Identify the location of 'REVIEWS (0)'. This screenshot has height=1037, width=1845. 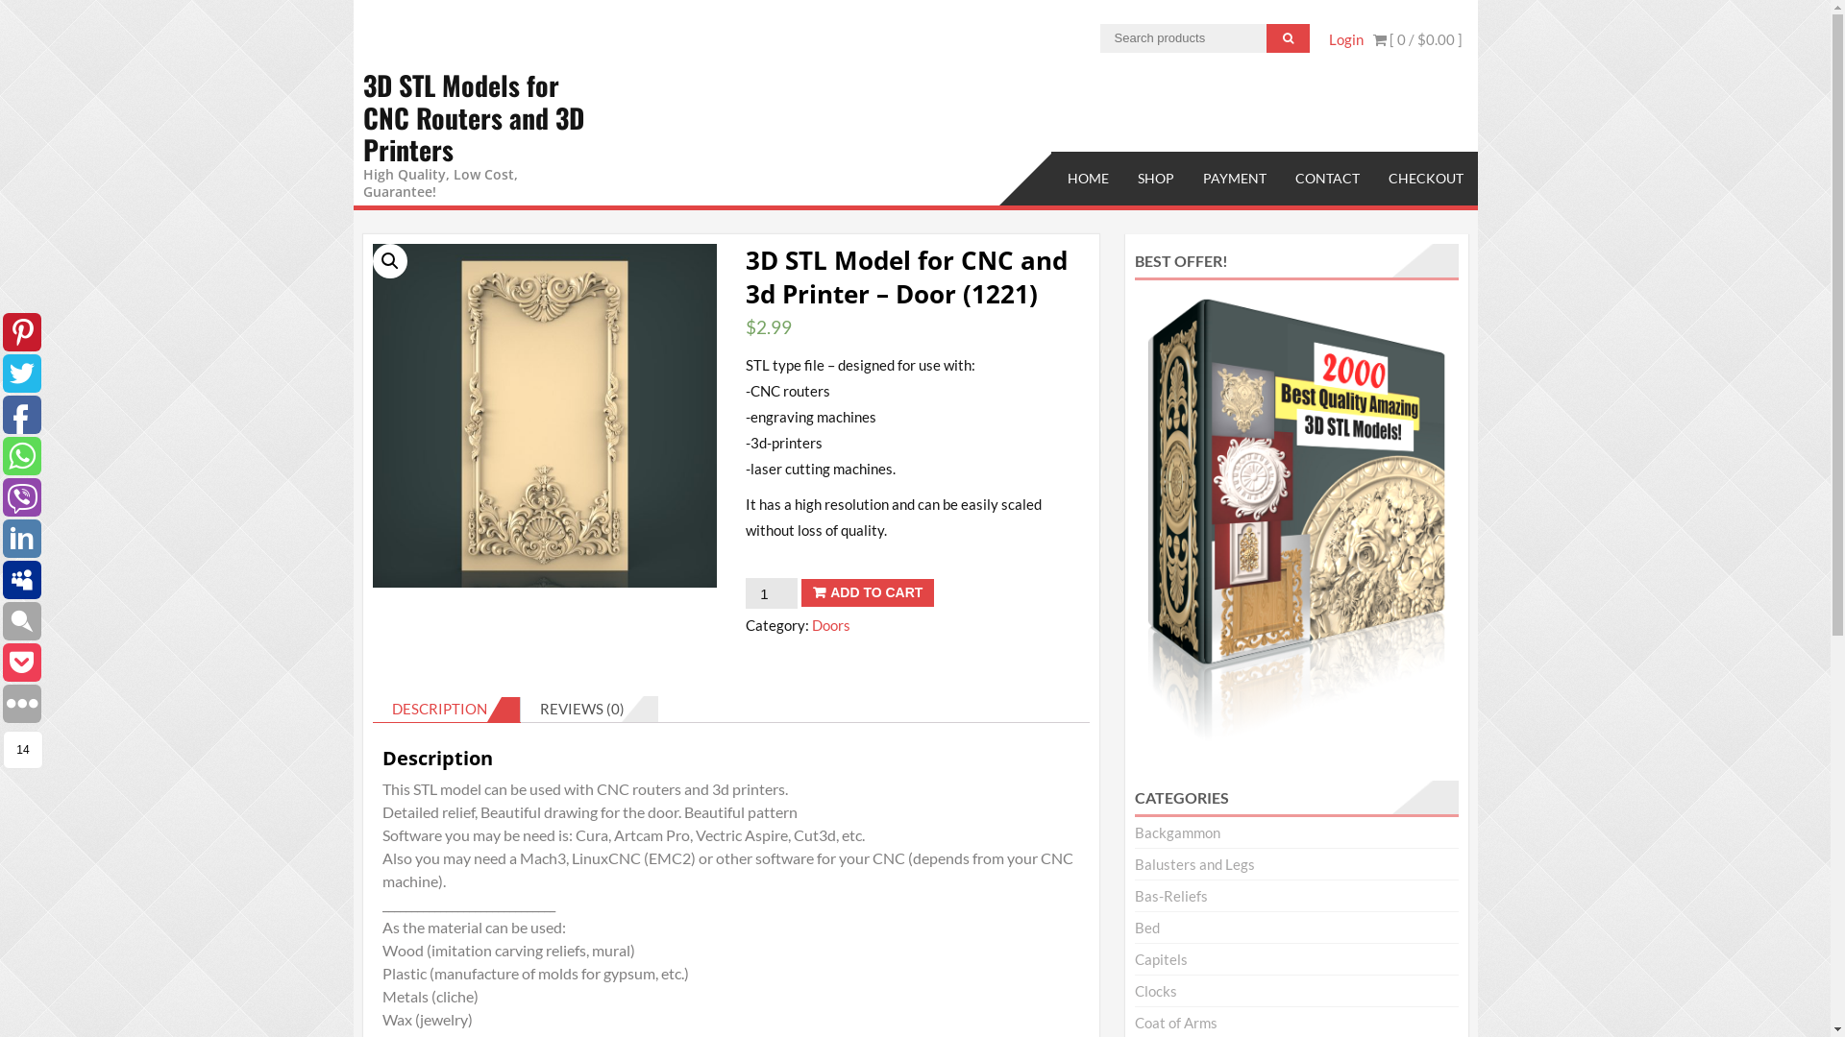
(580, 709).